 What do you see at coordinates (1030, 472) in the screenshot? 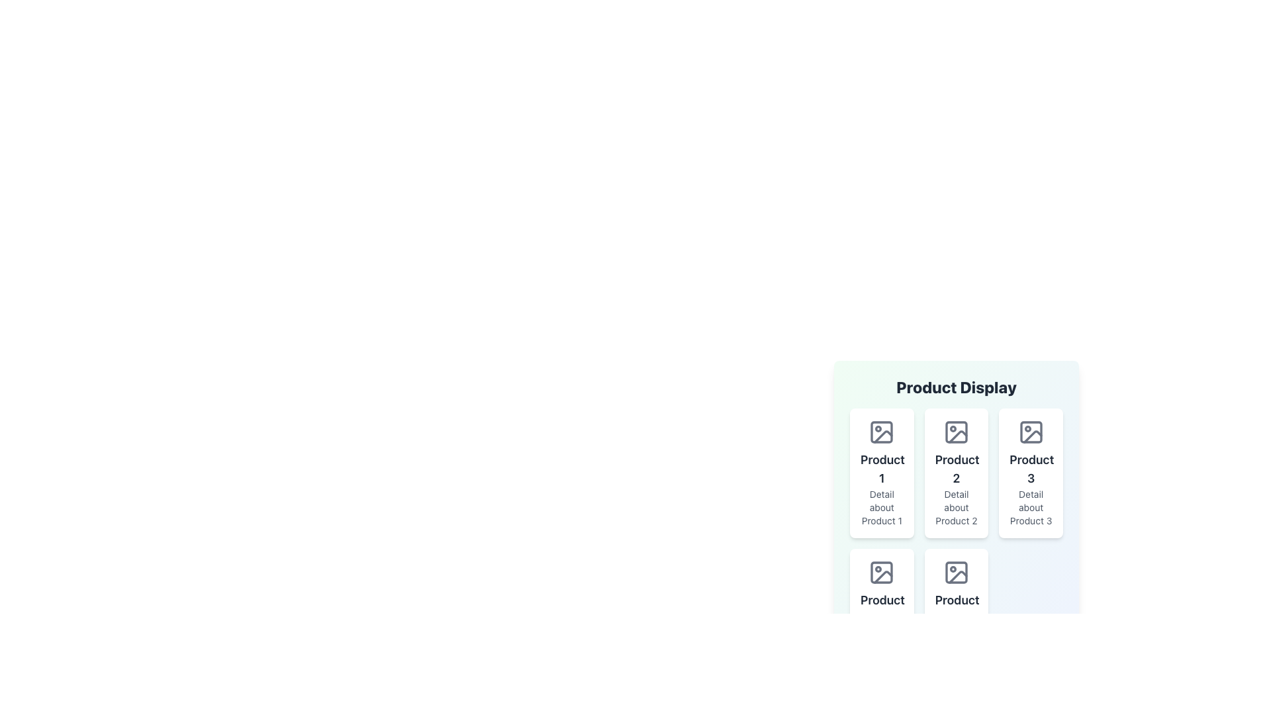
I see `the Card element displaying information about 'Product 3', which is the third item in the top row of the grid layout` at bounding box center [1030, 472].